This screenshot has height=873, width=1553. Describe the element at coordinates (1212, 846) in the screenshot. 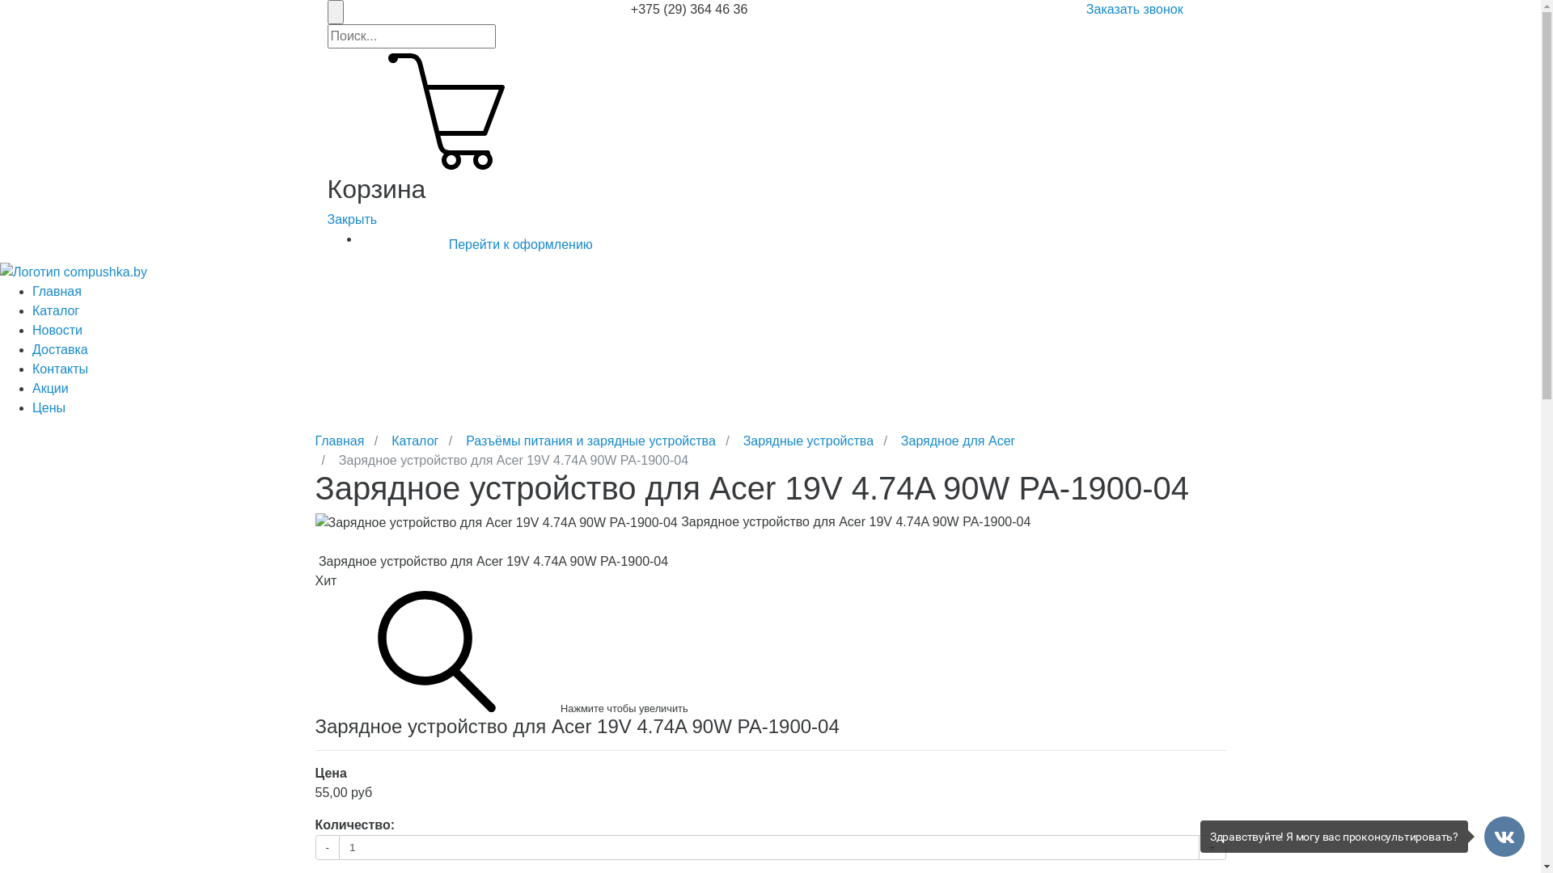

I see `'+'` at that location.